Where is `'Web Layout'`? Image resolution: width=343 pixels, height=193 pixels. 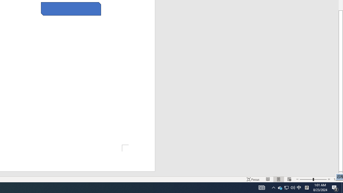 'Web Layout' is located at coordinates (289, 179).